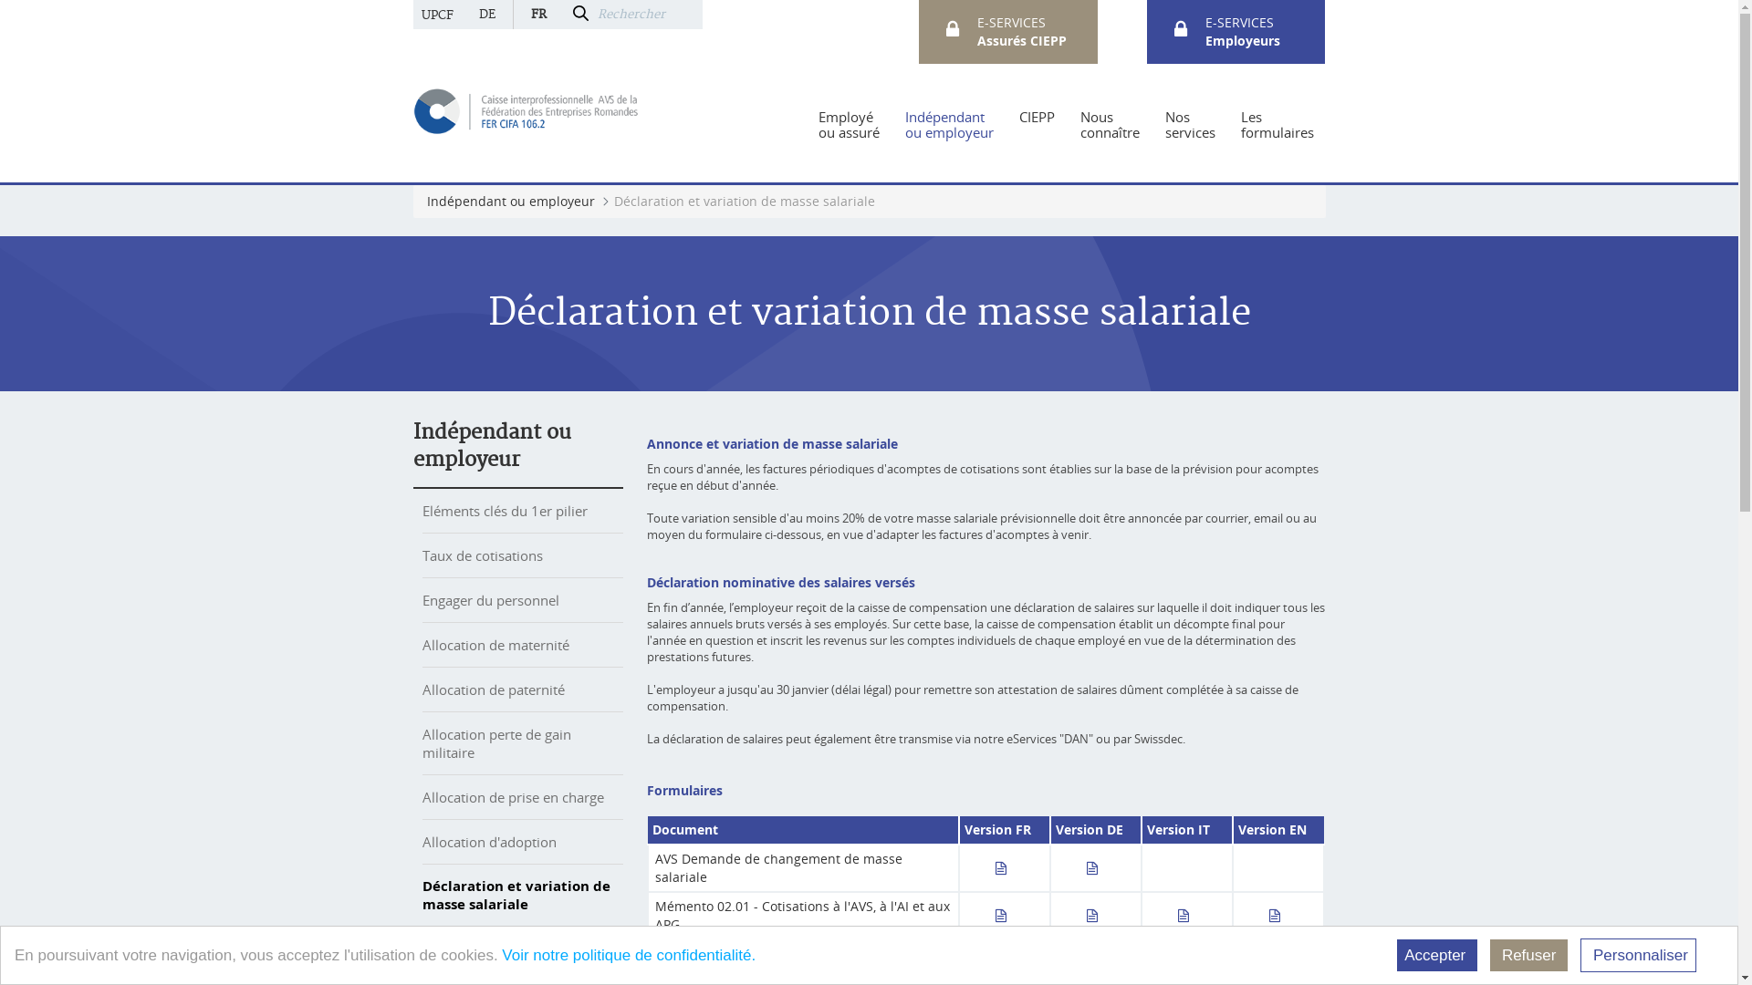  Describe the element at coordinates (1037, 124) in the screenshot. I see `'CIEPP` at that location.